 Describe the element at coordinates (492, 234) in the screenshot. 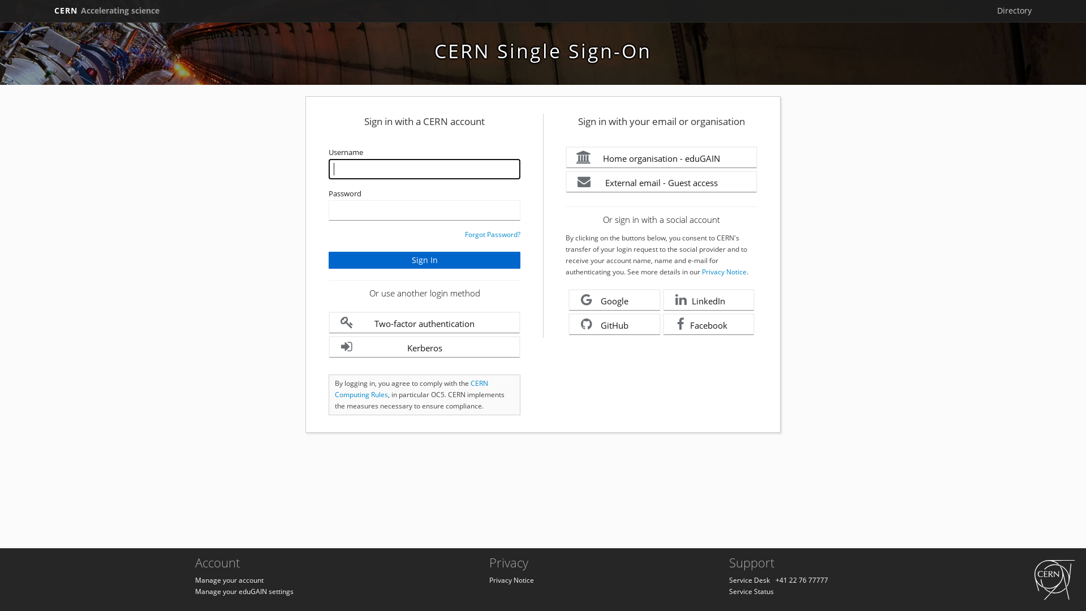

I see `'Forgot Password?'` at that location.